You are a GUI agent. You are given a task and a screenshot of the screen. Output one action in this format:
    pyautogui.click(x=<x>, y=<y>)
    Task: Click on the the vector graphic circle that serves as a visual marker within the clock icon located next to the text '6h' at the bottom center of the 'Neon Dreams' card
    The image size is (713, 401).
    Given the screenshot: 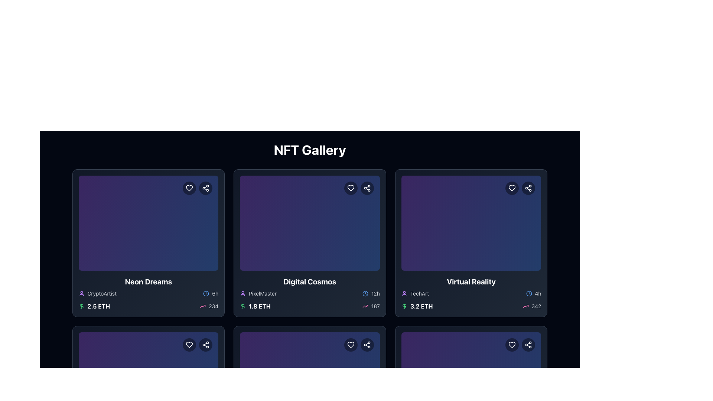 What is the action you would take?
    pyautogui.click(x=206, y=293)
    